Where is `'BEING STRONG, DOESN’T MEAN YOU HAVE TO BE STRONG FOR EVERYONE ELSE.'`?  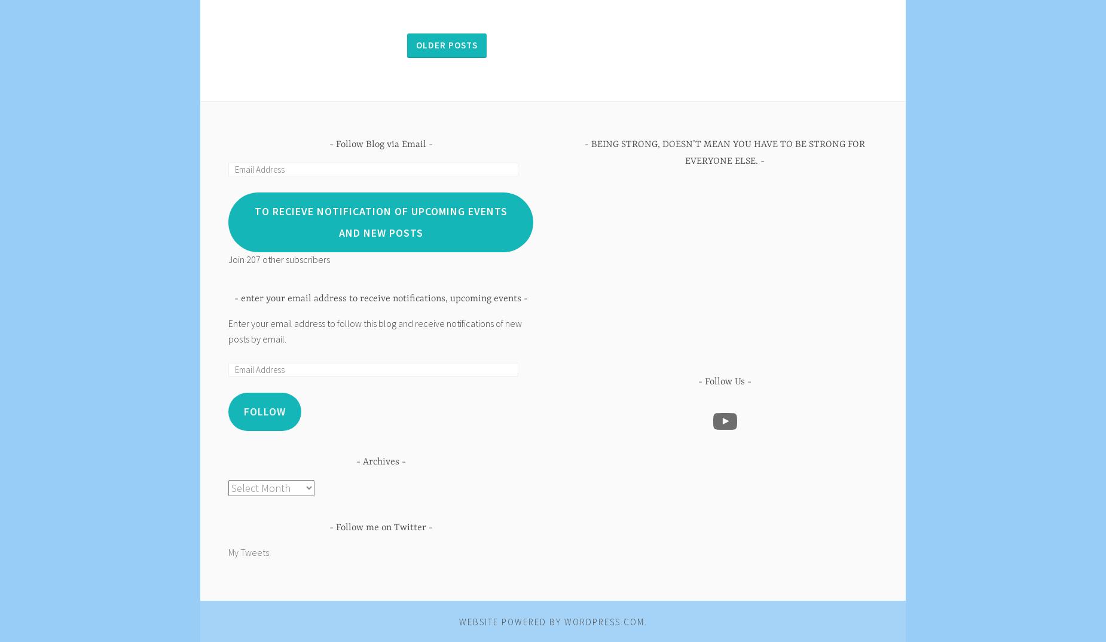
'BEING STRONG, DOESN’T MEAN YOU HAVE TO BE STRONG FOR EVERYONE ELSE.' is located at coordinates (728, 152).